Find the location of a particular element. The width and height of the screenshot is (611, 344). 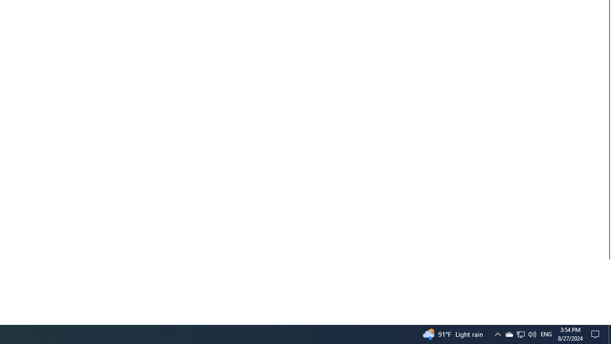

'Tray Input Indicator - English (United States)' is located at coordinates (520, 333).